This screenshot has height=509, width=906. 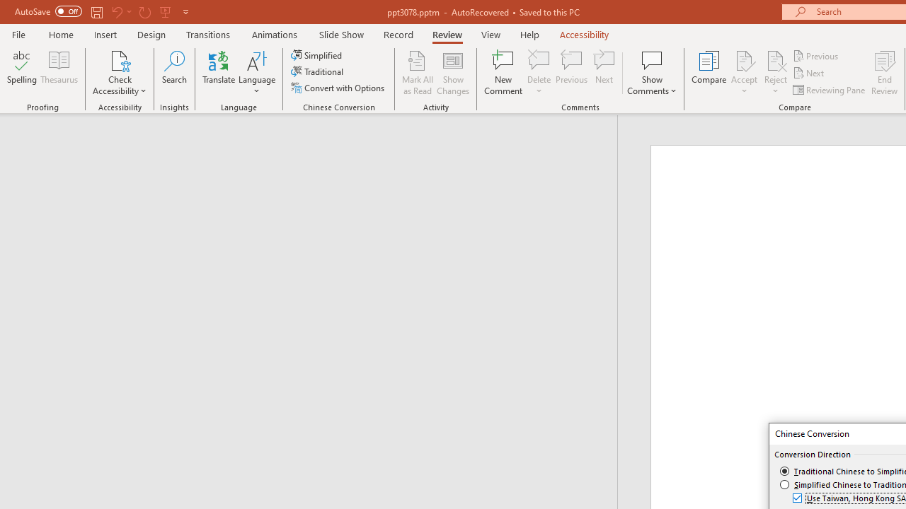 What do you see at coordinates (317, 54) in the screenshot?
I see `'Simplified'` at bounding box center [317, 54].